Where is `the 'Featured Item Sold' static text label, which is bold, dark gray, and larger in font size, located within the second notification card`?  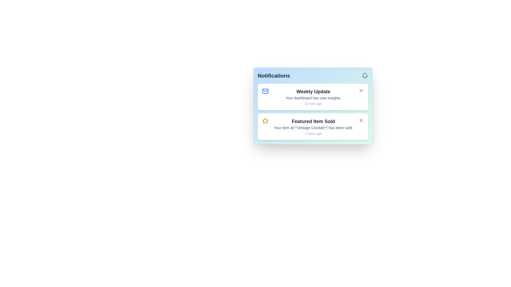 the 'Featured Item Sold' static text label, which is bold, dark gray, and larger in font size, located within the second notification card is located at coordinates (313, 121).